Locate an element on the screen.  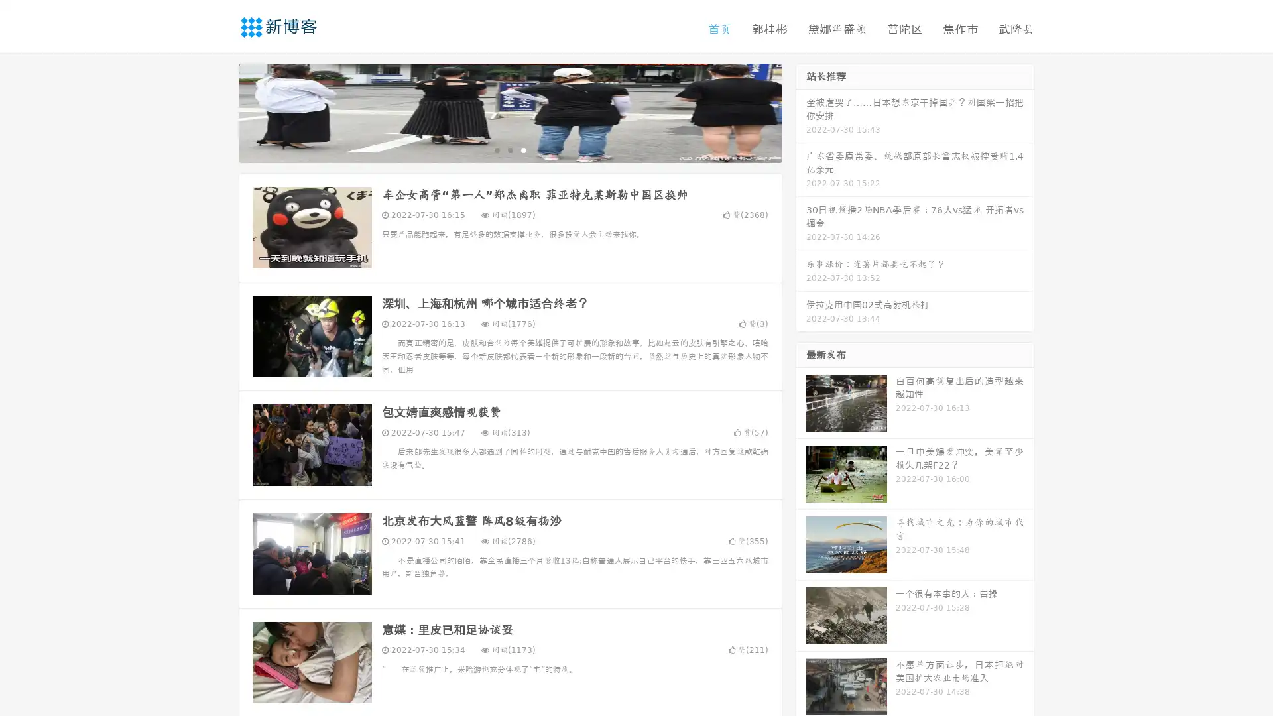
Previous slide is located at coordinates (219, 111).